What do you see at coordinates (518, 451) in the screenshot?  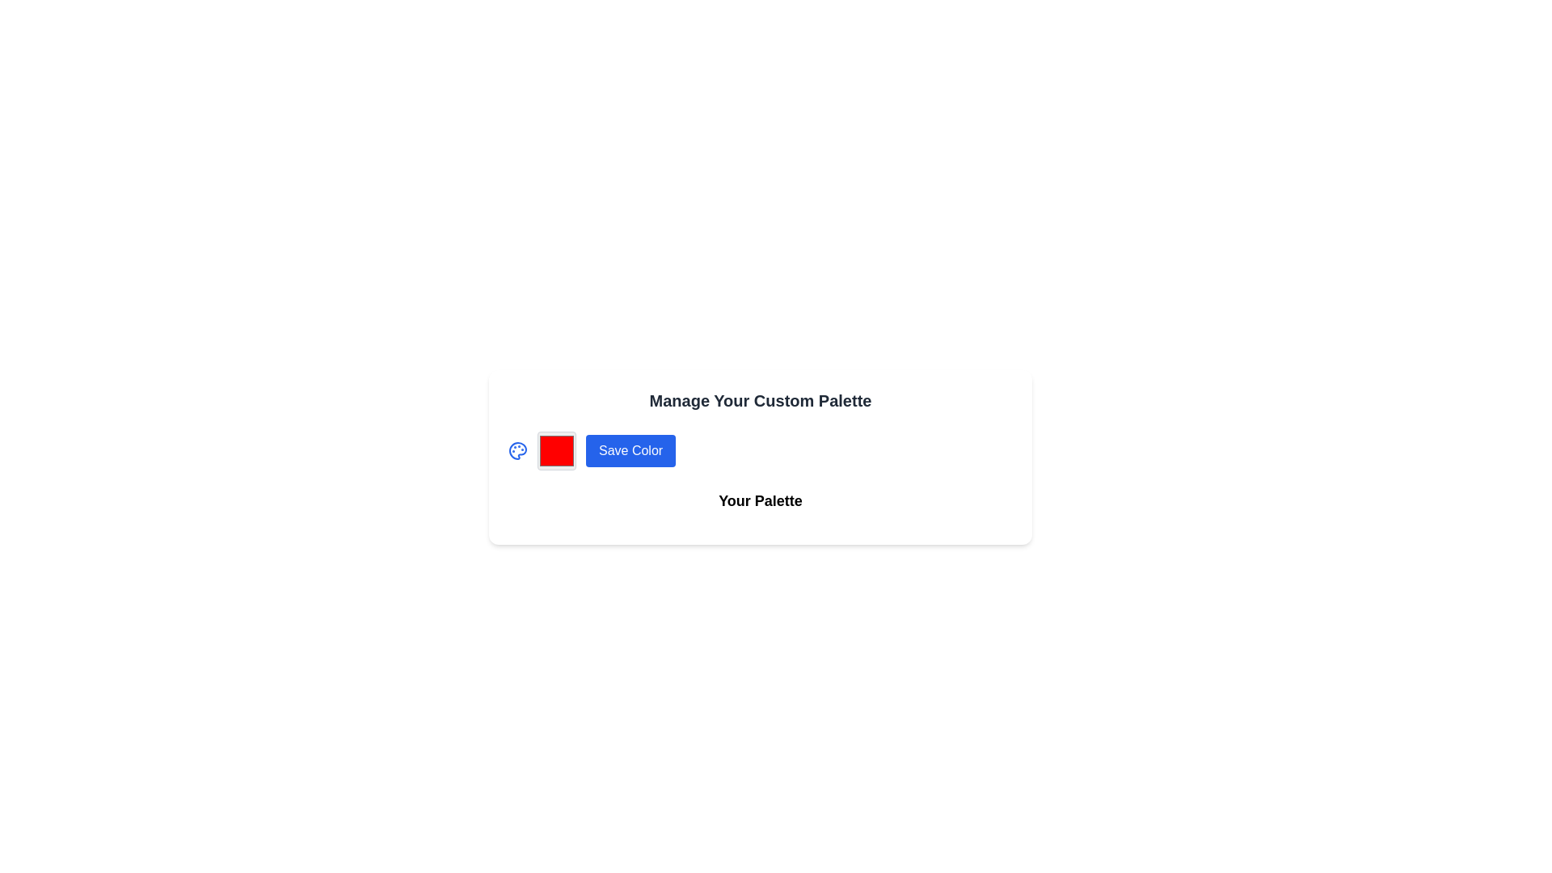 I see `the color palette icon located in the top-left portion of the row, preceding the color selector box` at bounding box center [518, 451].